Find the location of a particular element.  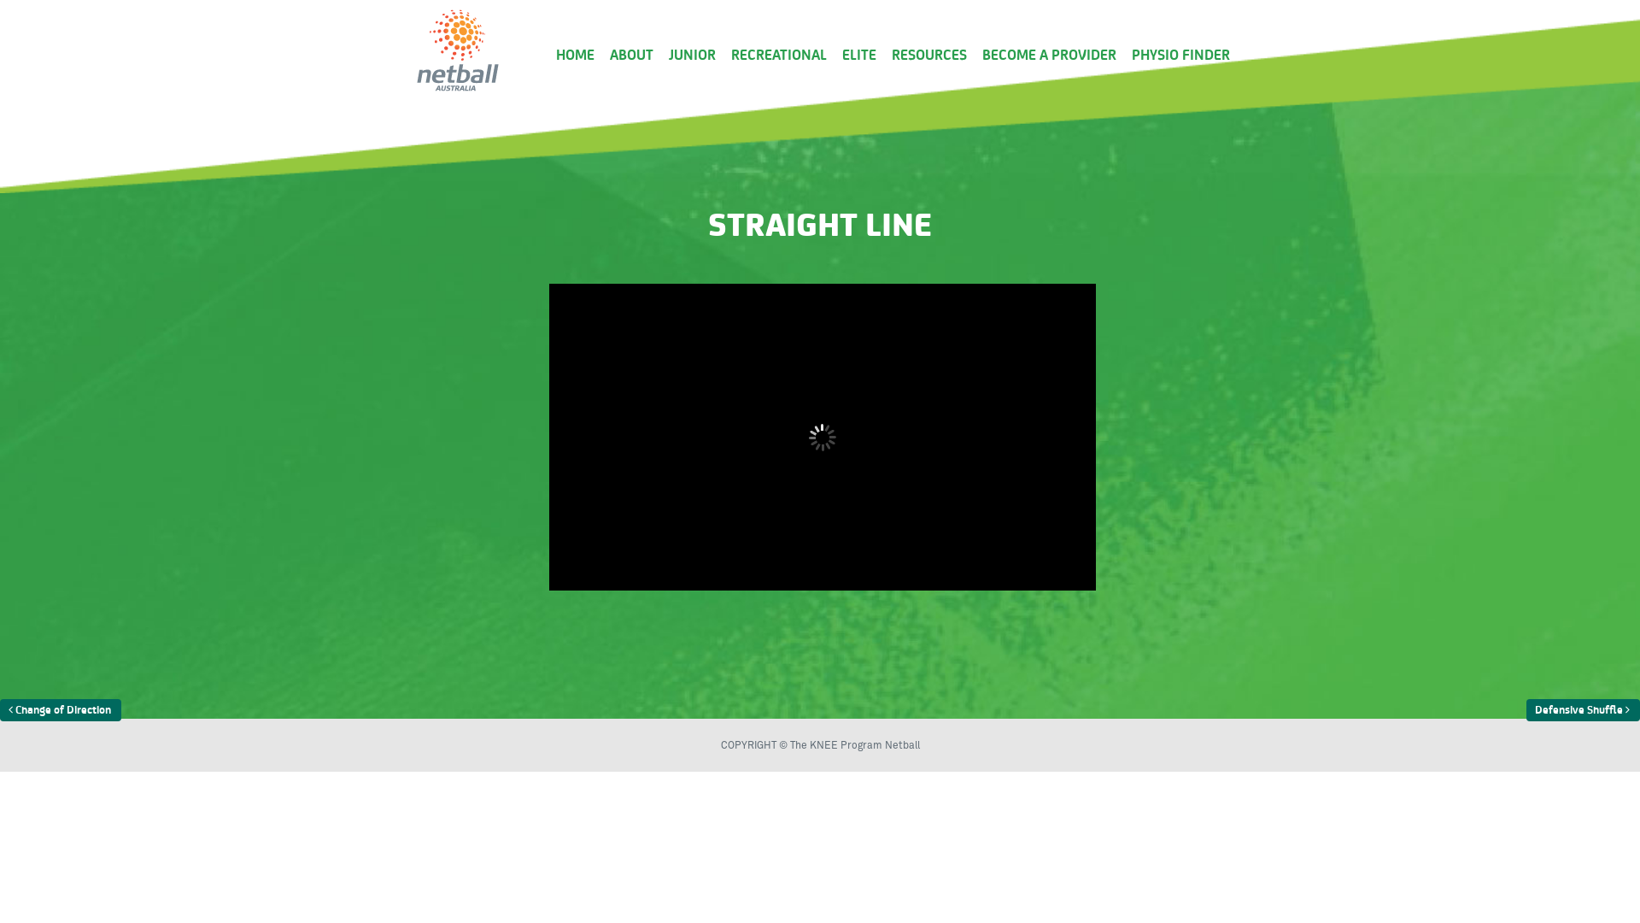

'RECREATIONAL' is located at coordinates (716, 54).